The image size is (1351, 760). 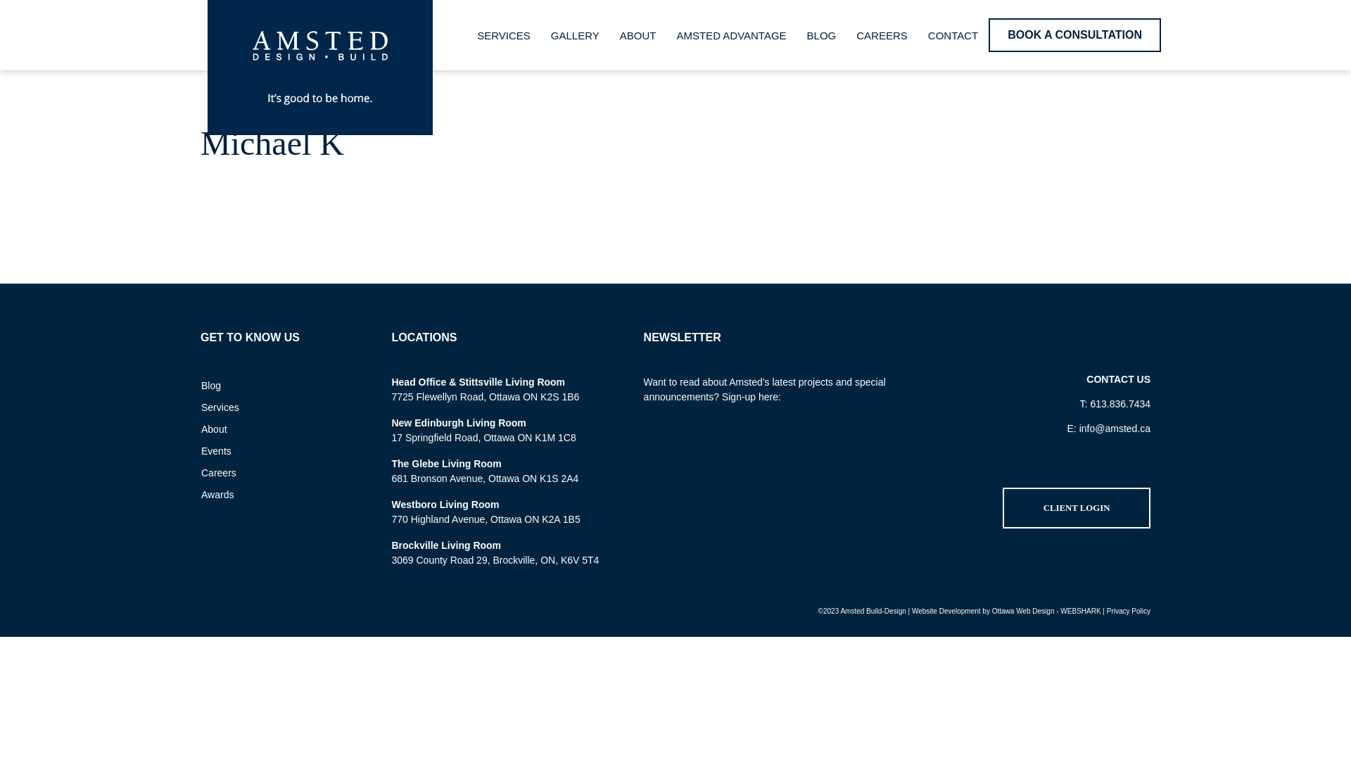 What do you see at coordinates (445, 545) in the screenshot?
I see `'Brockville Living Room'` at bounding box center [445, 545].